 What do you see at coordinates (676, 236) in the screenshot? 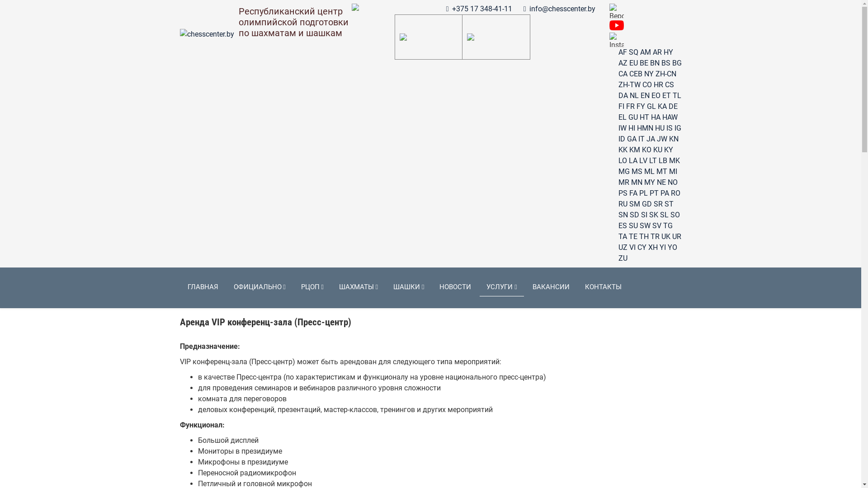
I see `'UR'` at bounding box center [676, 236].